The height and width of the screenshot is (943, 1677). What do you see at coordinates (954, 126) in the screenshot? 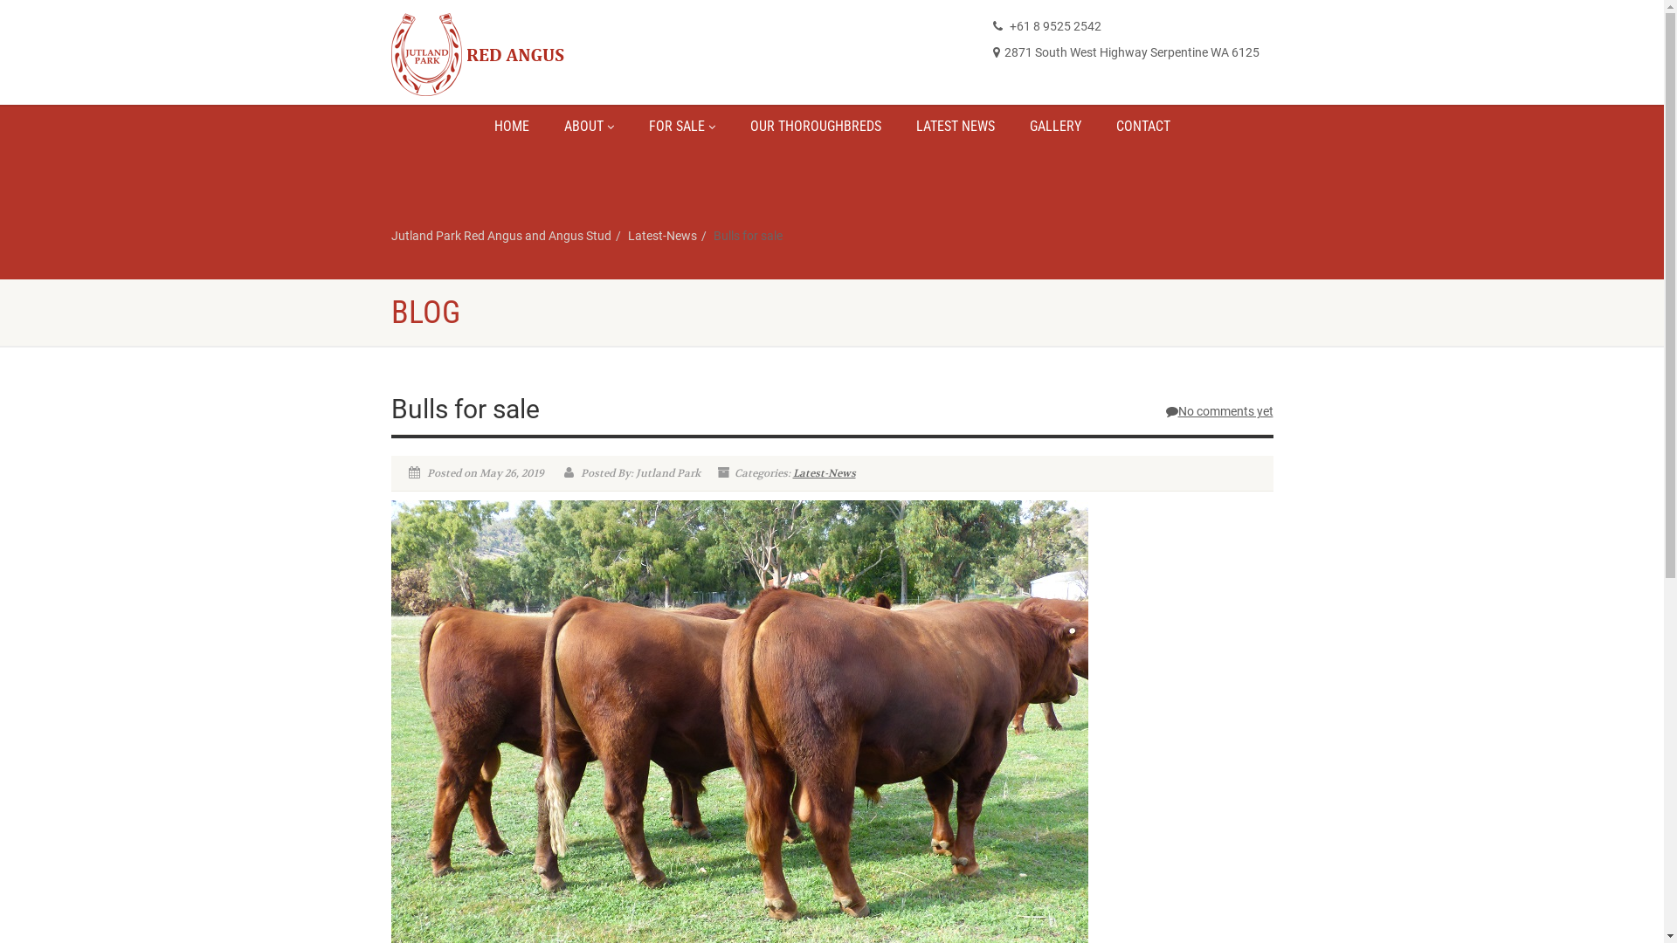
I see `'LATEST NEWS'` at bounding box center [954, 126].